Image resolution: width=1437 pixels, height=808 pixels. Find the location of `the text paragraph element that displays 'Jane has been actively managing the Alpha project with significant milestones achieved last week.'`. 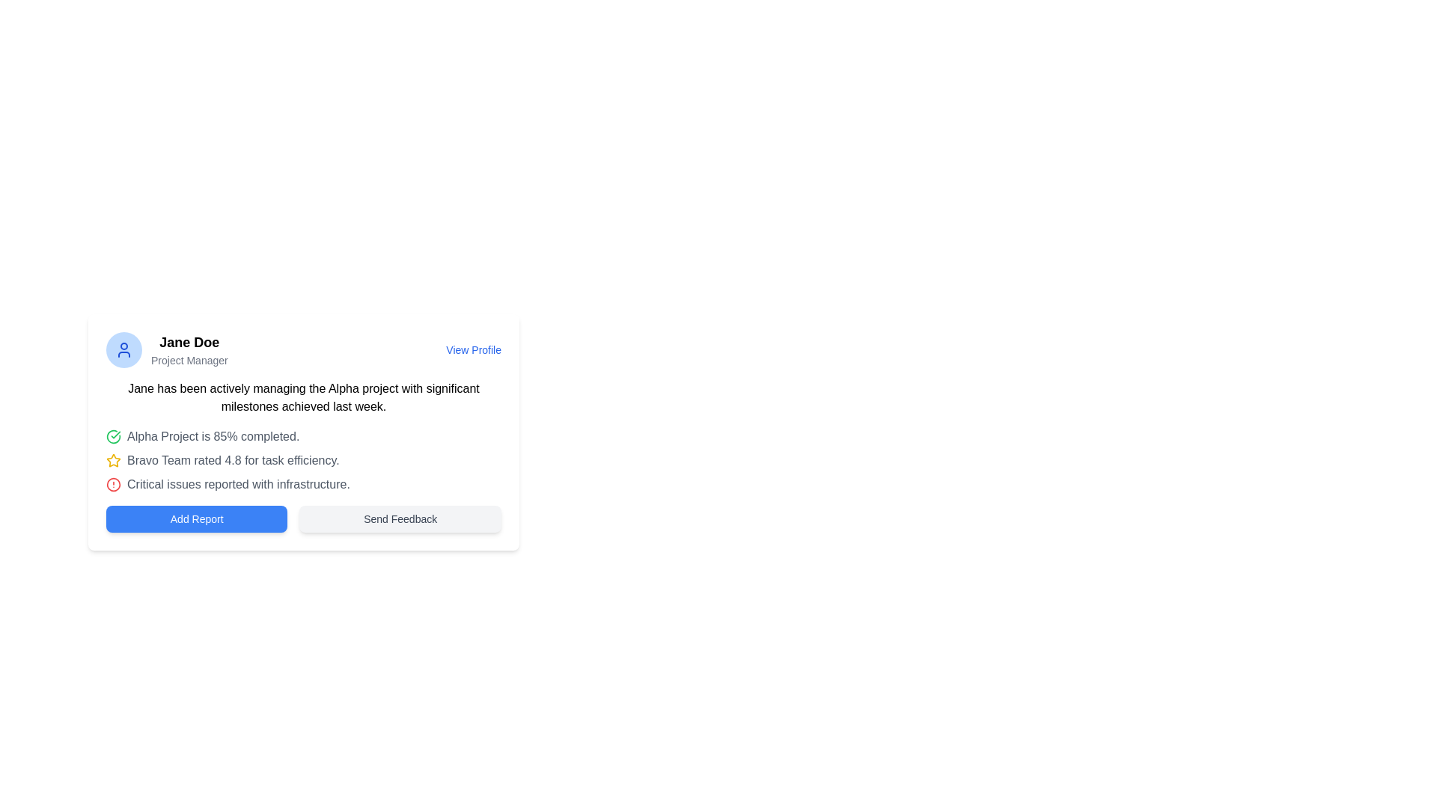

the text paragraph element that displays 'Jane has been actively managing the Alpha project with significant milestones achieved last week.' is located at coordinates (303, 397).